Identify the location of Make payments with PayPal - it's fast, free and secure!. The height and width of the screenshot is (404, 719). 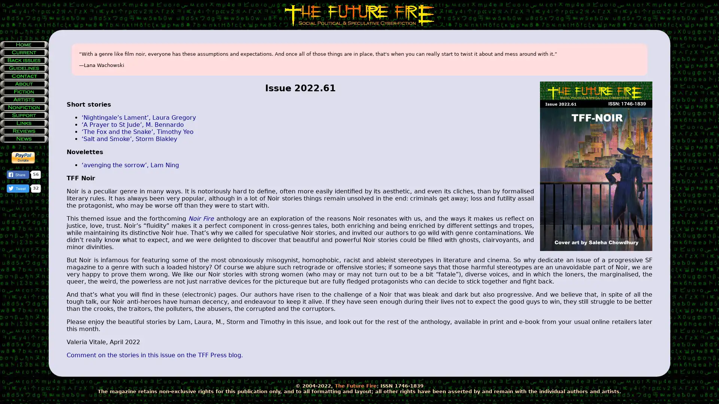
(23, 157).